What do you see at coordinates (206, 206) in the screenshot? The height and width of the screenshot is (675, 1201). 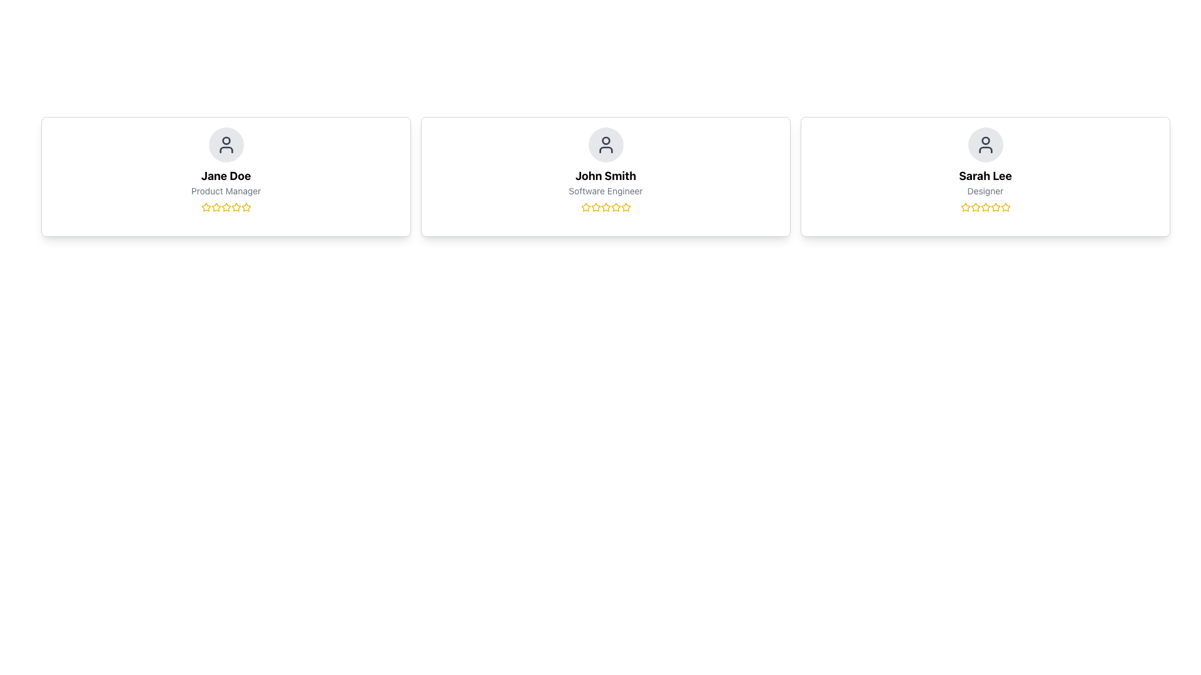 I see `the left-most star-shaped icon in the rating section below 'Jane Doe' and 'Product Manager' to rate it` at bounding box center [206, 206].